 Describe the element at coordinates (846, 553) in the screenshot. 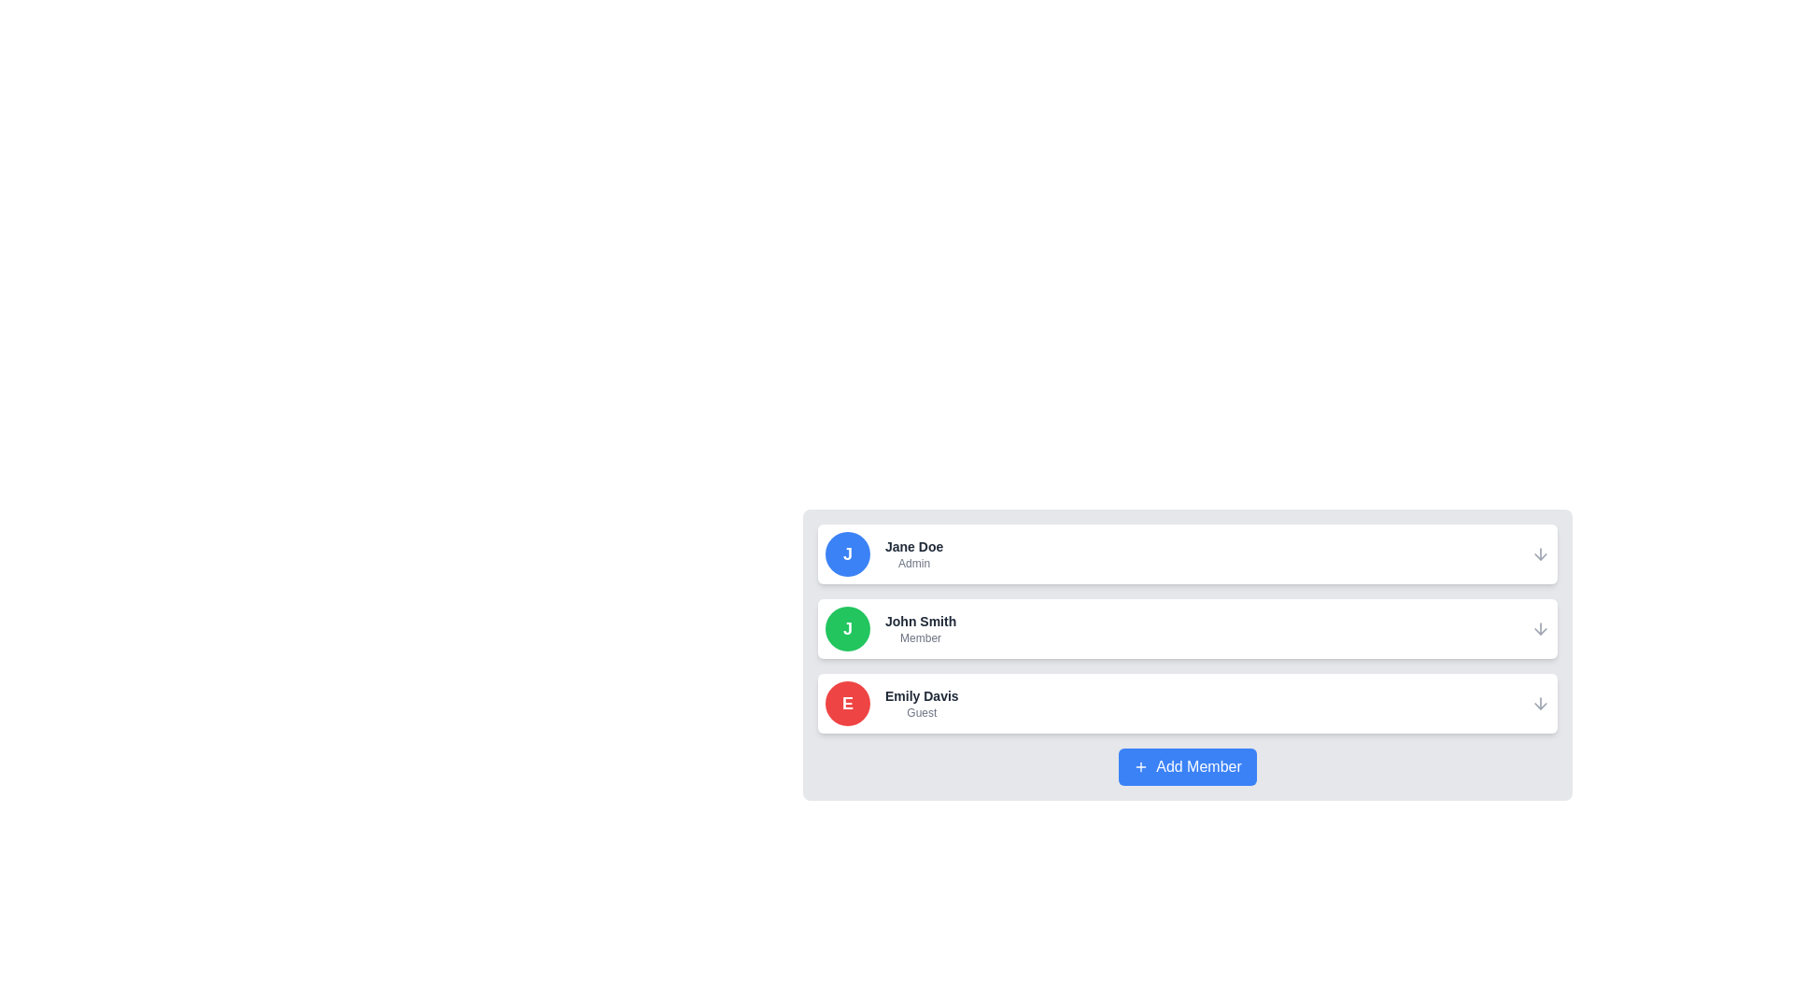

I see `the Avatar element located on the left side of the first row in the user information cards, which visually represents the user 'Jane Doe' who has the role 'Admin'` at that location.